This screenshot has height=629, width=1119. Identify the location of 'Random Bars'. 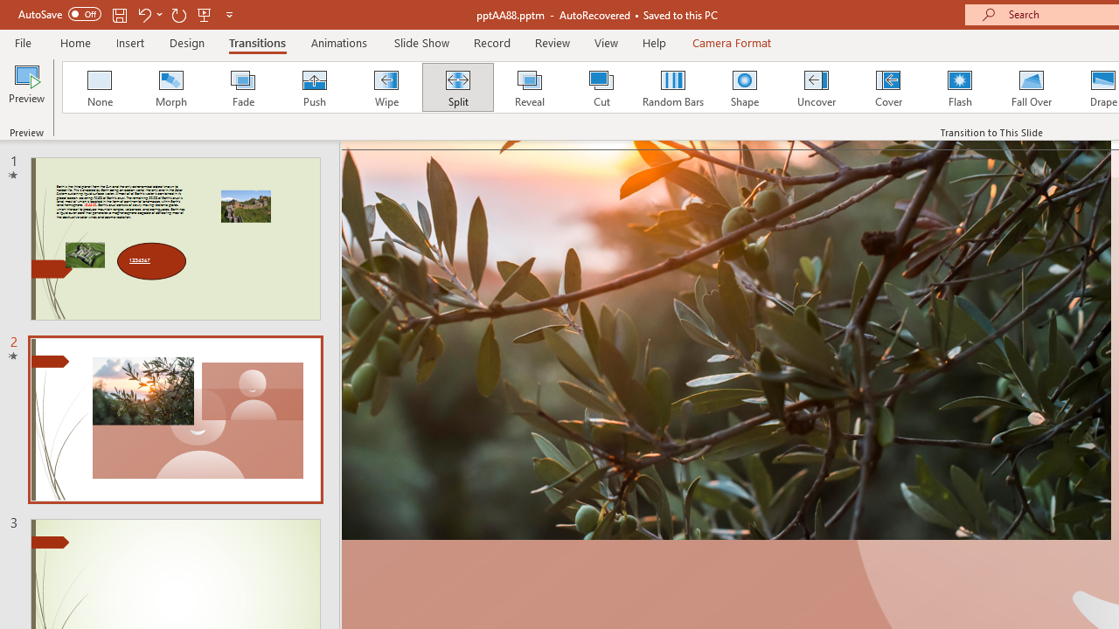
(672, 87).